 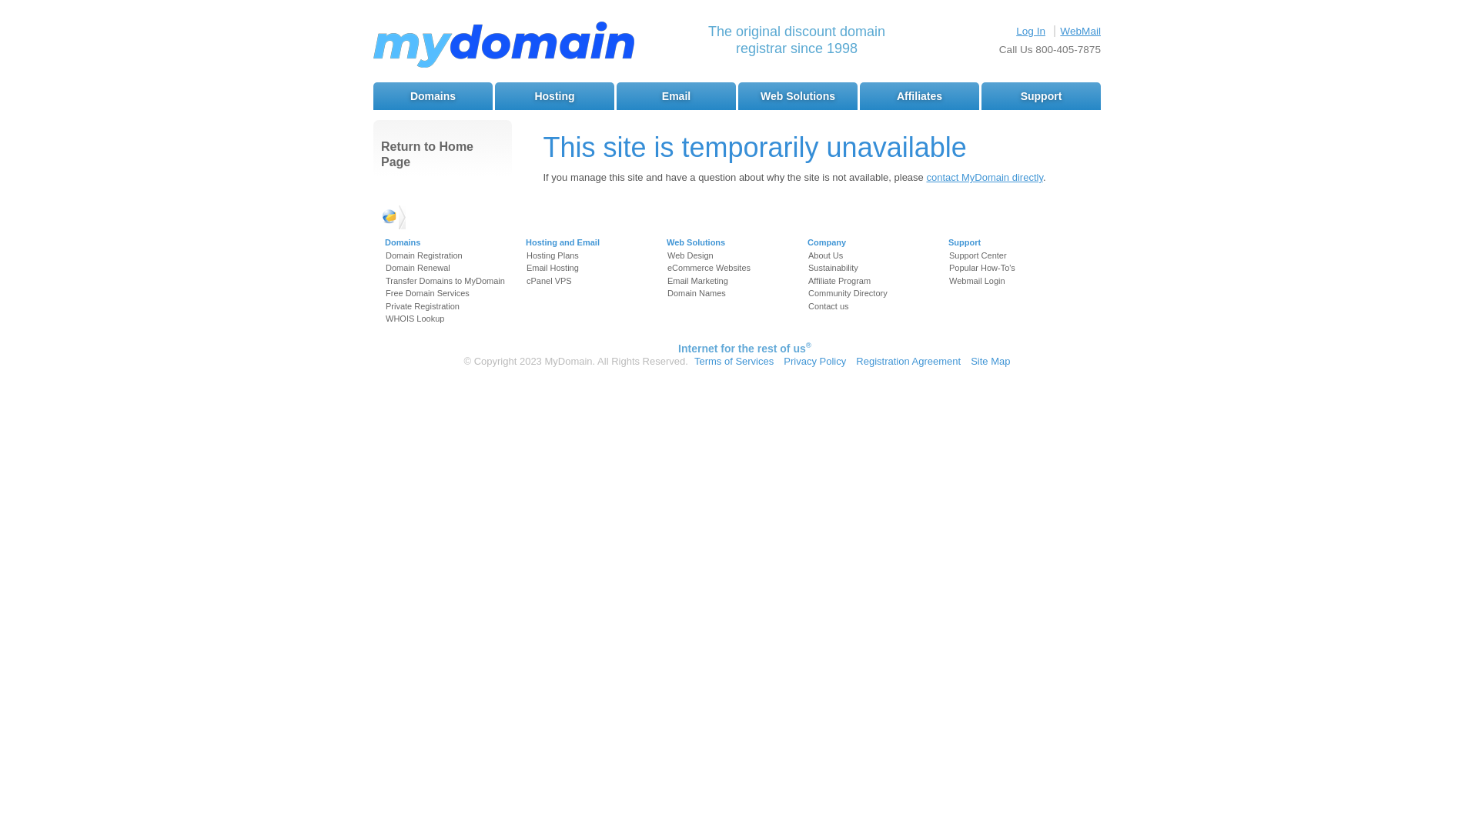 I want to click on 'Webmail Login', so click(x=976, y=281).